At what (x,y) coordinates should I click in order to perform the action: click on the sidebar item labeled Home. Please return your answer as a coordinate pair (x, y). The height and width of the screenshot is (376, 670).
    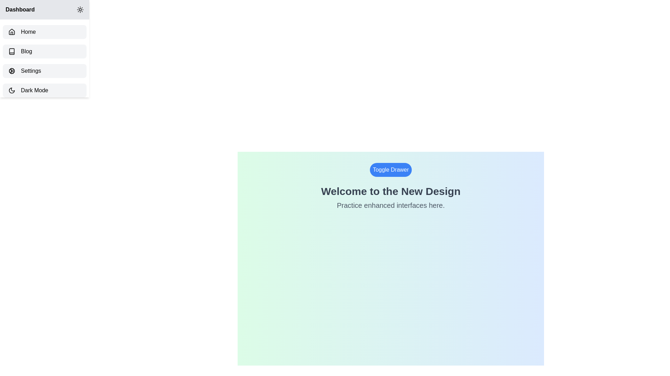
    Looking at the image, I should click on (44, 32).